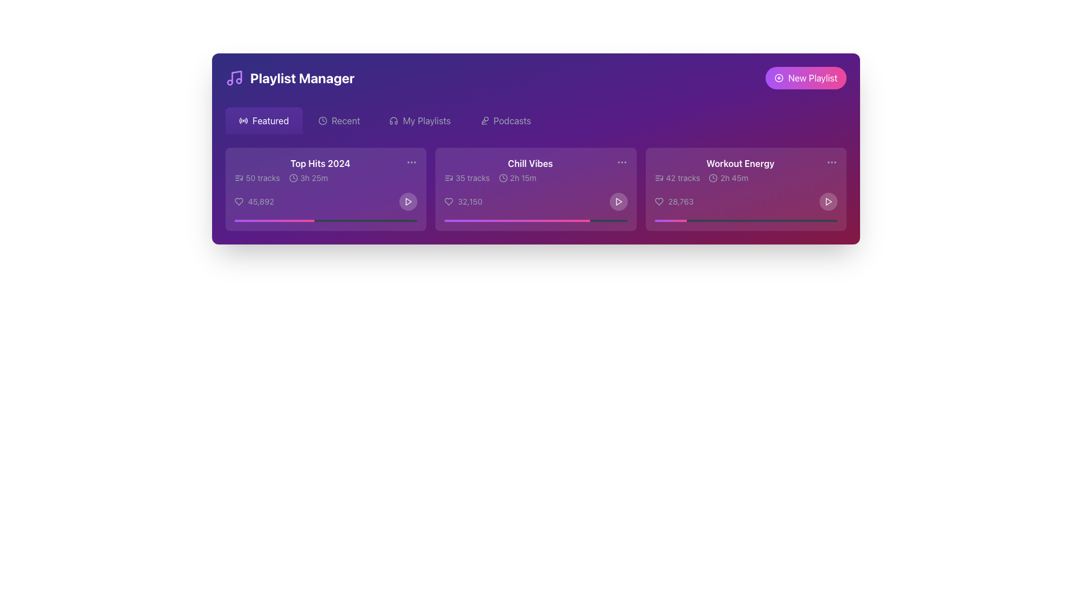  Describe the element at coordinates (322, 121) in the screenshot. I see `the decorative SVG Circle that is part of the clock icon, located to the left of the 'Recent' text in the upper center portion of the interface` at that location.